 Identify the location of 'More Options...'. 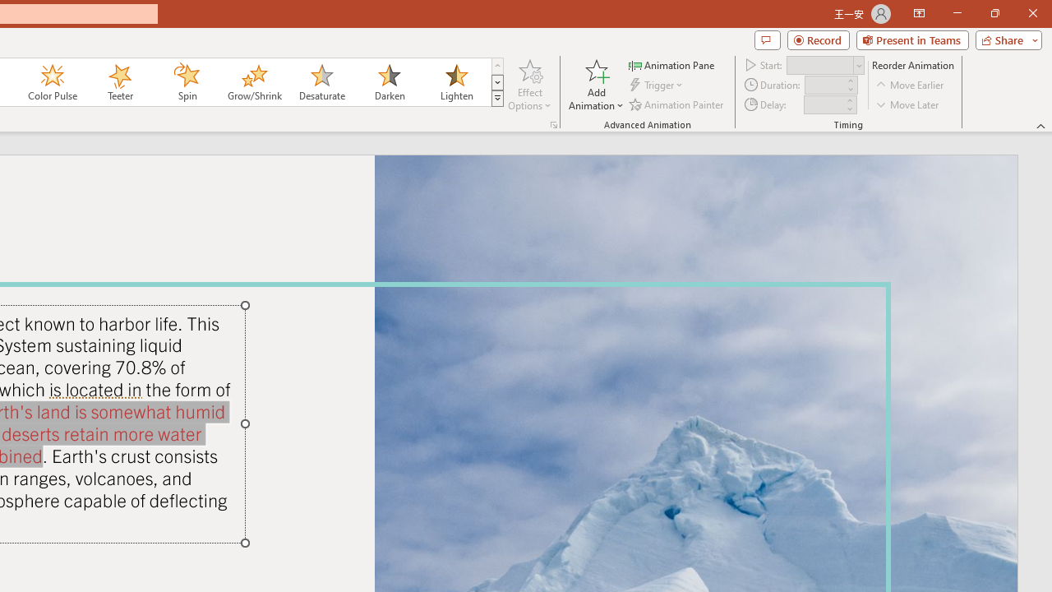
(553, 123).